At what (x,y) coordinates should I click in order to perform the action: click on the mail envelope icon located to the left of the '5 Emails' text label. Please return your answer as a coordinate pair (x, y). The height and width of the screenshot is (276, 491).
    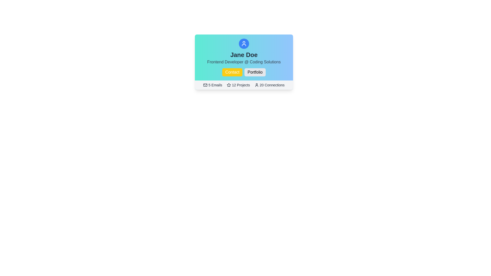
    Looking at the image, I should click on (205, 85).